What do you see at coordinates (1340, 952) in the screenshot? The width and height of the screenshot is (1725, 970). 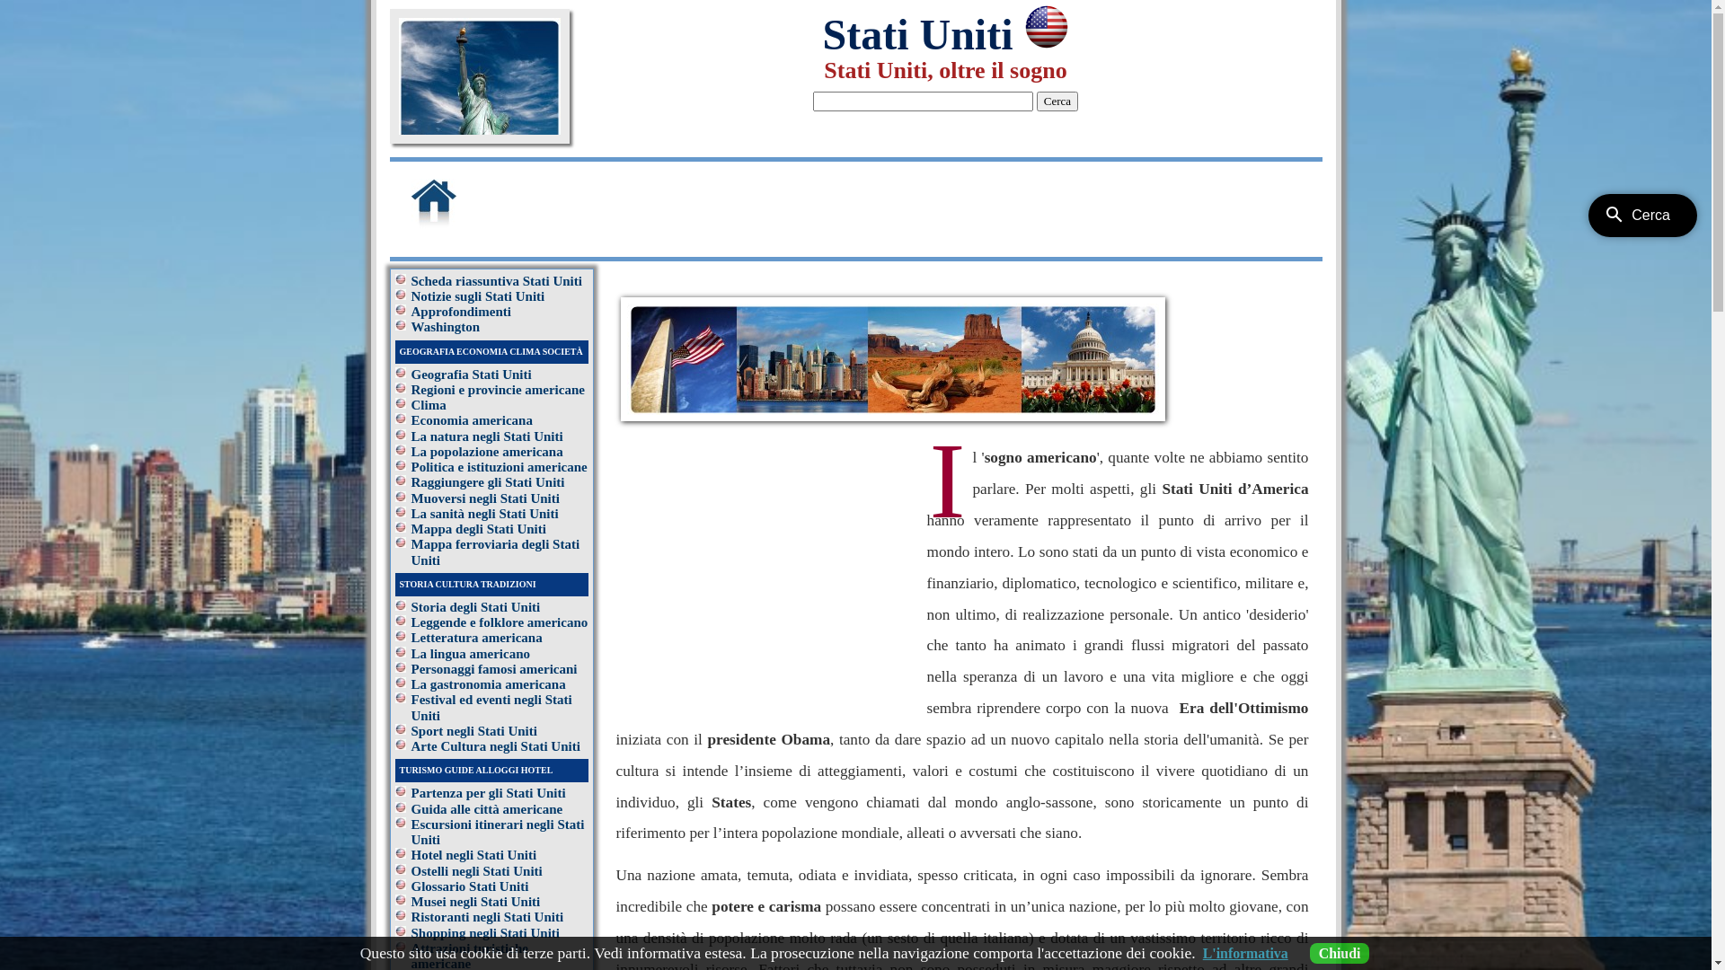 I see `'Chiudi'` at bounding box center [1340, 952].